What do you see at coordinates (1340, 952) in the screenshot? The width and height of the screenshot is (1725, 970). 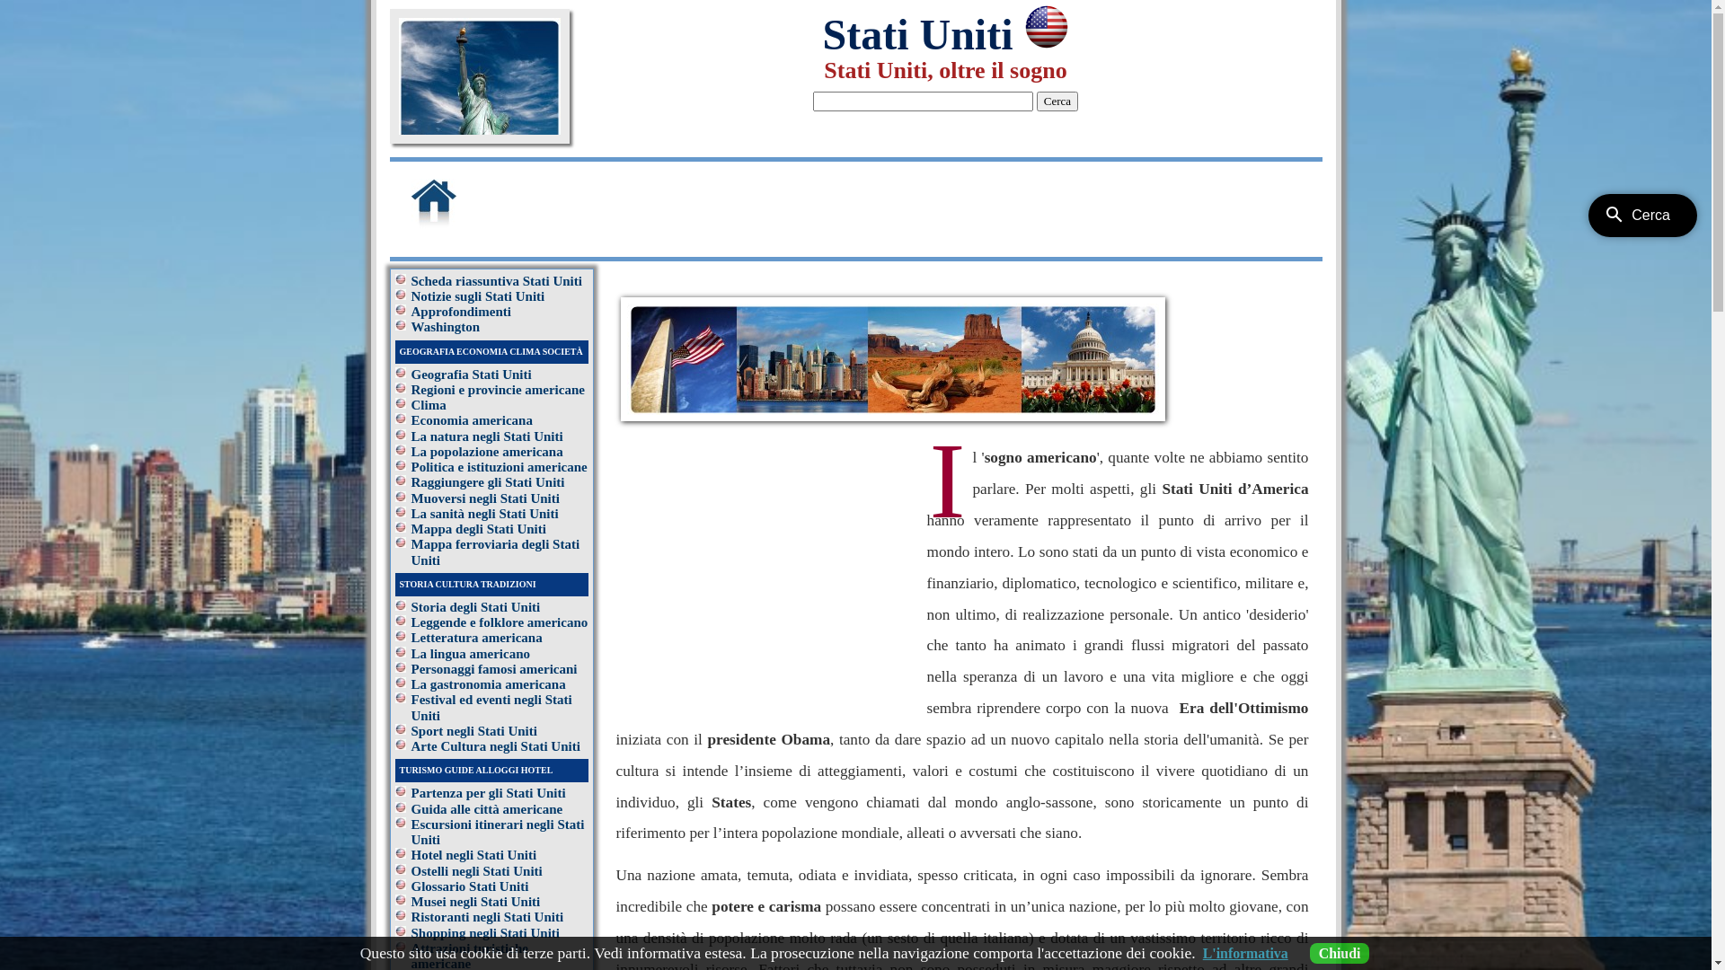 I see `'Chiudi'` at bounding box center [1340, 952].